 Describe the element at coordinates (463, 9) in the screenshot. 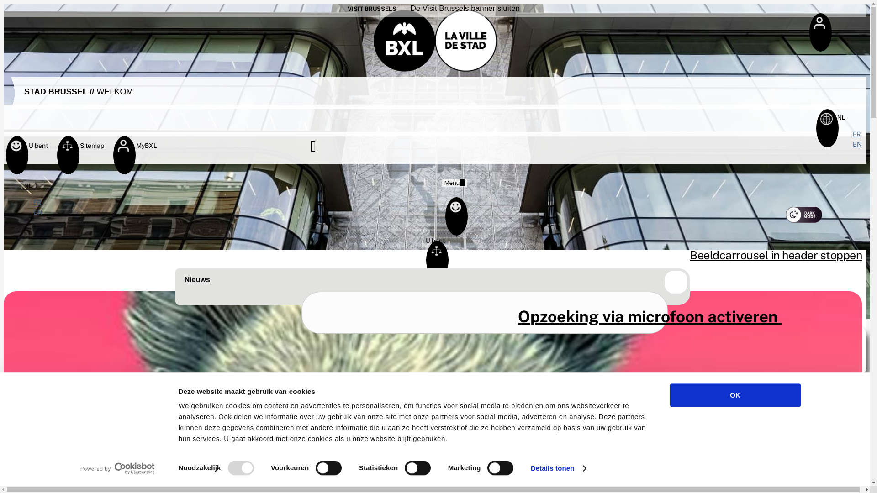

I see `'  De Visit Brussels banner sluiten'` at that location.